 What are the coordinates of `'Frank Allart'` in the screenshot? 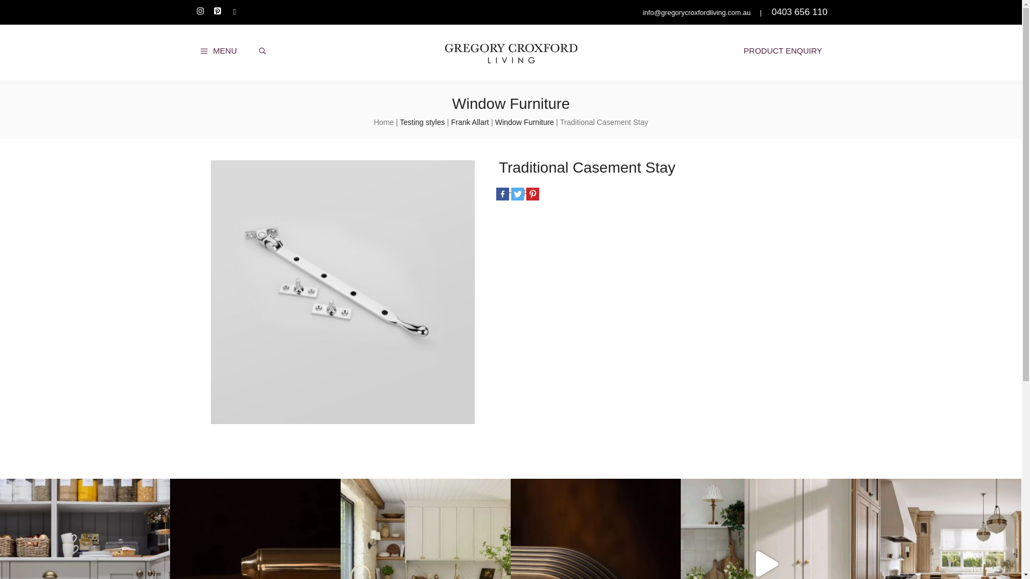 It's located at (451, 121).